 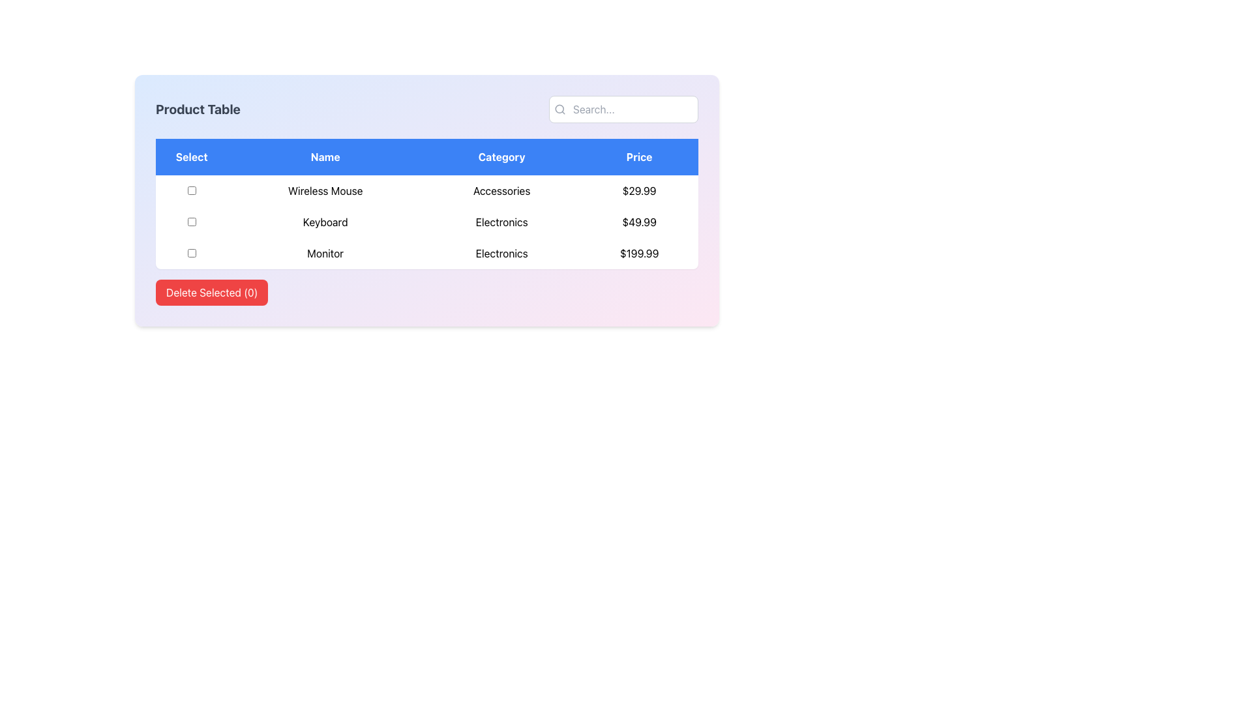 What do you see at coordinates (426, 254) in the screenshot?
I see `the 'Monitor' table row which contains the checkbox, product name 'Monitor', category 'Electronics', and price '$199.99' to possibly trigger related actions` at bounding box center [426, 254].